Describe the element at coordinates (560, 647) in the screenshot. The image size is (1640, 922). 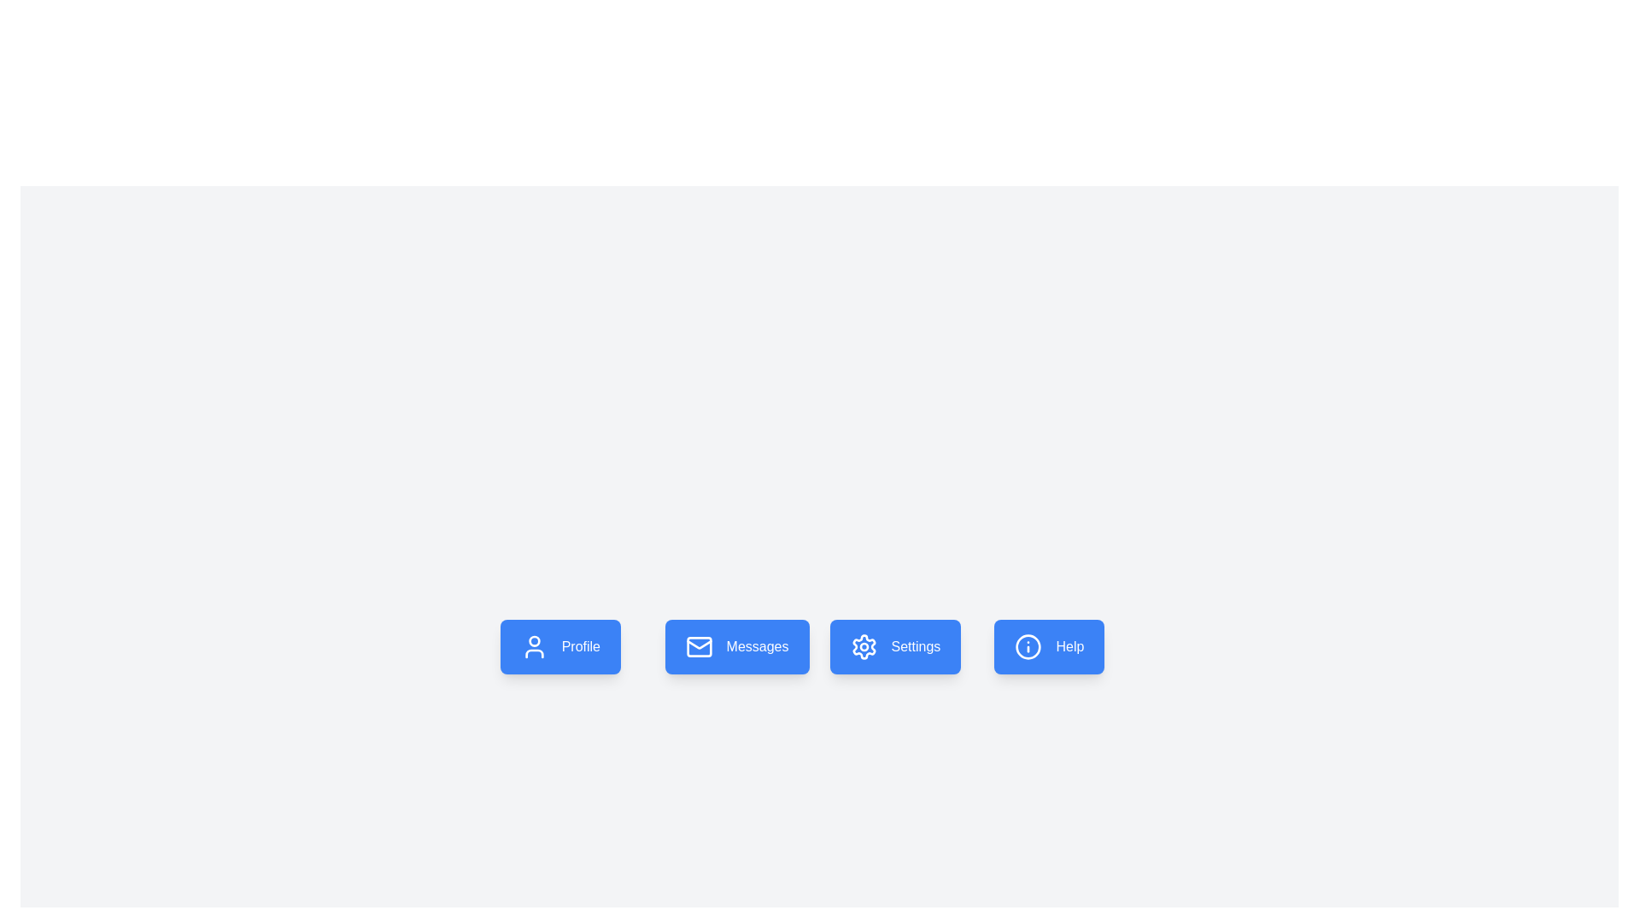
I see `the 'Profile' button, which is a rectangular button with rounded corners and a blue background` at that location.